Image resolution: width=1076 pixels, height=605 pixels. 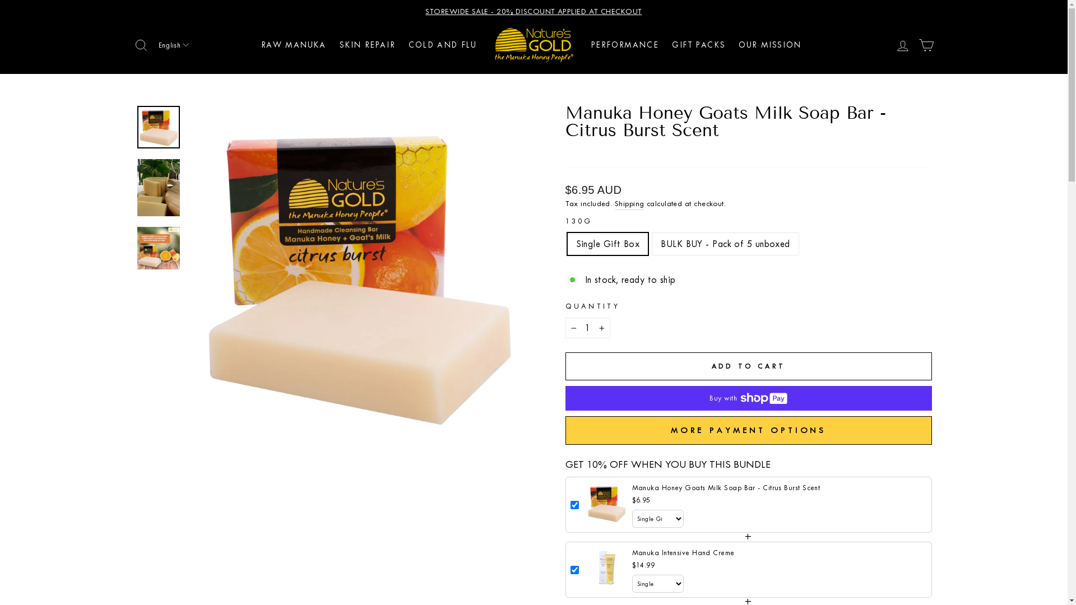 I want to click on 'ICON-SEARCH, so click(x=140, y=45).